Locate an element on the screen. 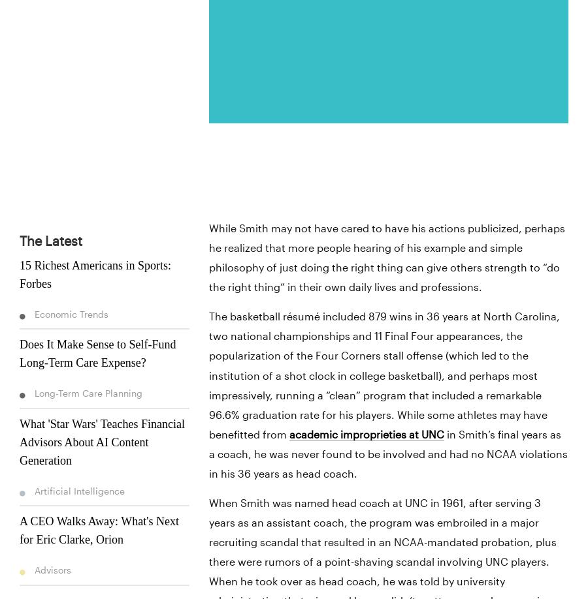 The width and height of the screenshot is (588, 599). '15 Richest Americans in Sports: Forbes' is located at coordinates (95, 273).